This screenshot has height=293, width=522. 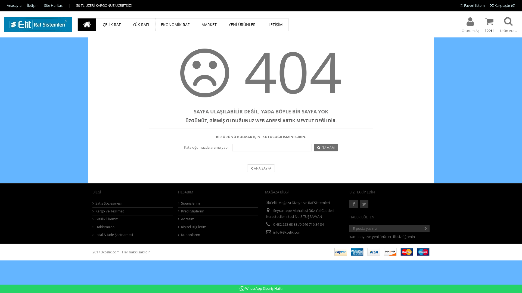 What do you see at coordinates (472, 5) in the screenshot?
I see `'Favori listem'` at bounding box center [472, 5].